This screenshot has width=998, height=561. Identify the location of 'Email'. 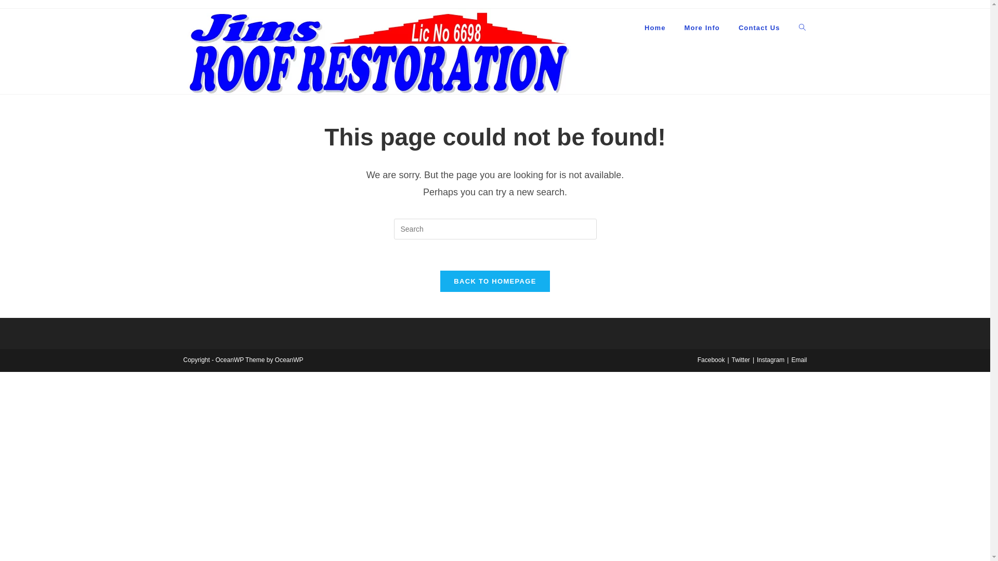
(798, 359).